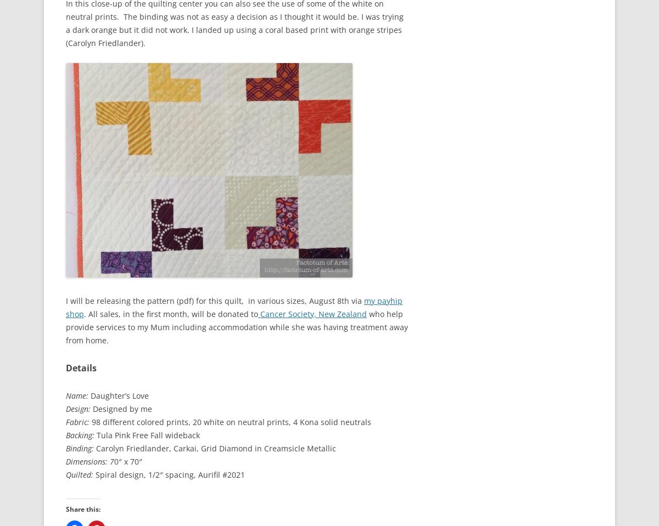 The height and width of the screenshot is (526, 659). What do you see at coordinates (78, 408) in the screenshot?
I see `'Design:'` at bounding box center [78, 408].